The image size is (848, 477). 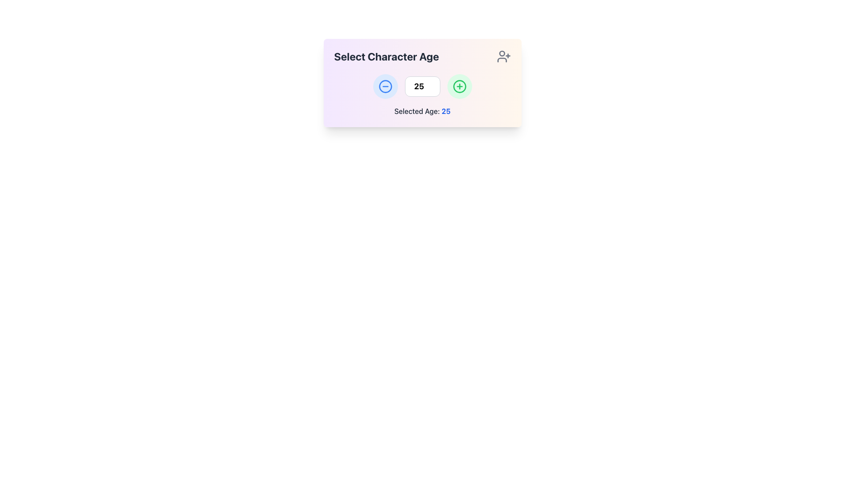 What do you see at coordinates (459, 87) in the screenshot?
I see `the circular button with a green outline and a green plus sign to increment the age in the 'Select Character Age' card layout` at bounding box center [459, 87].